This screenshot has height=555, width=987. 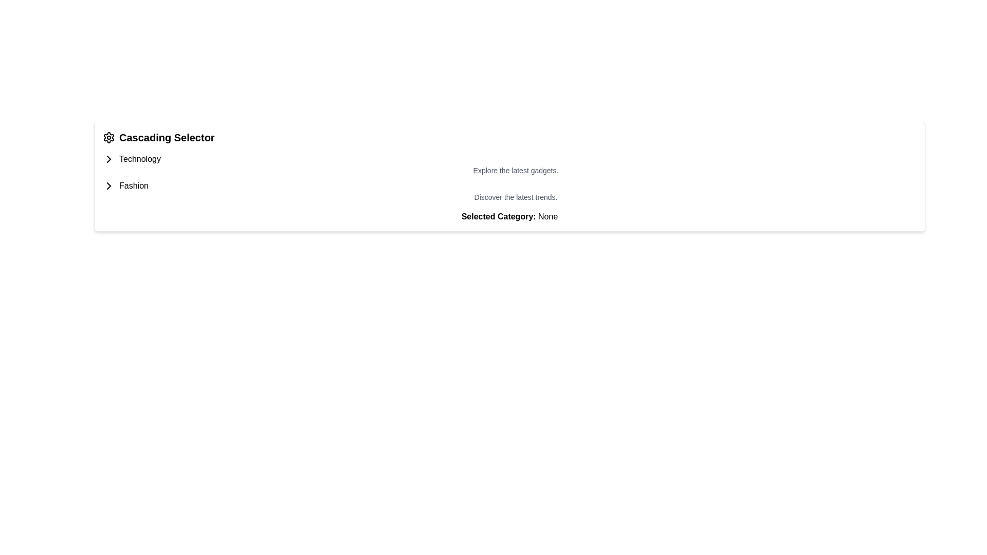 I want to click on the first Chevron icon (SVG) located to the left of the 'Technology' text to perform navigation using accessibility tools, so click(x=108, y=159).